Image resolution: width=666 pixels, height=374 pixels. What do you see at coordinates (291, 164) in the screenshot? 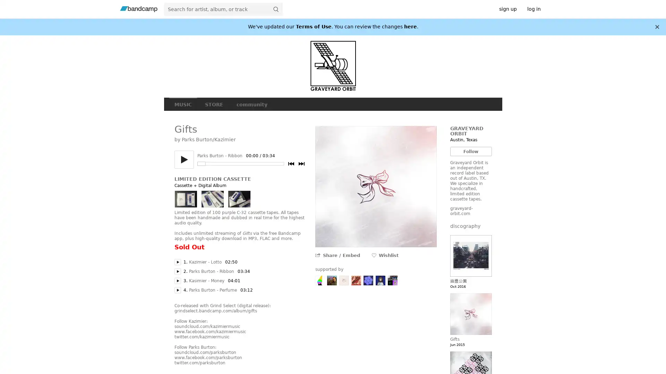
I see `Previous track` at bounding box center [291, 164].